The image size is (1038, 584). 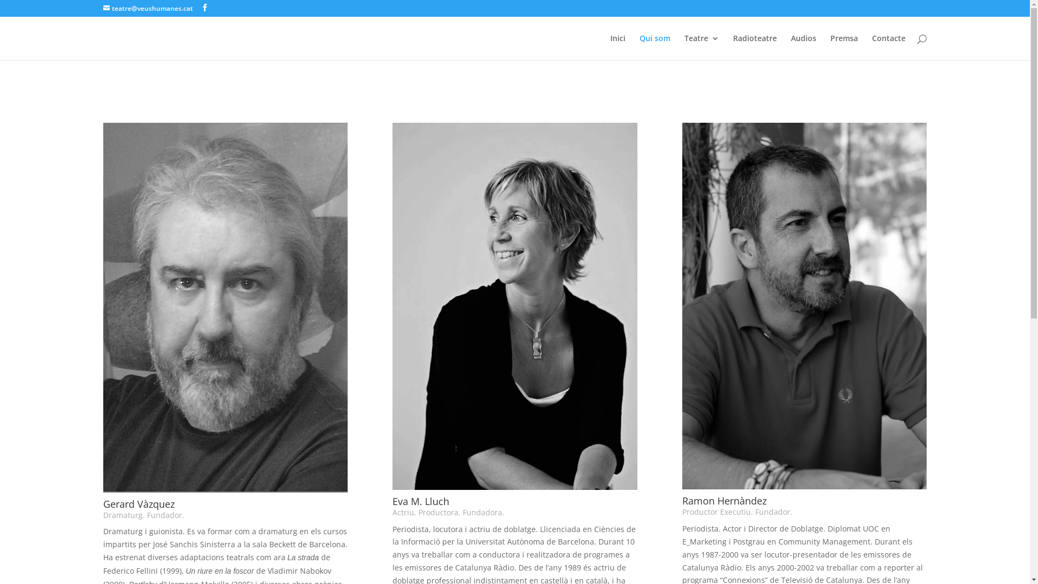 What do you see at coordinates (803, 47) in the screenshot?
I see `'Audios'` at bounding box center [803, 47].